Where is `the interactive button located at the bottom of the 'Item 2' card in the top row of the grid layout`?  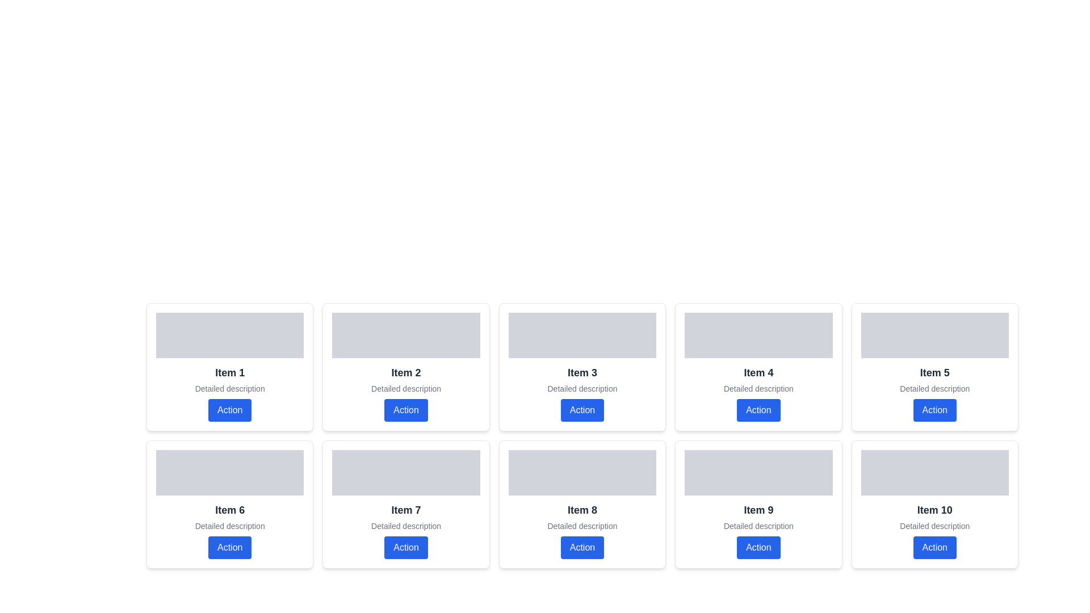 the interactive button located at the bottom of the 'Item 2' card in the top row of the grid layout is located at coordinates (406, 410).